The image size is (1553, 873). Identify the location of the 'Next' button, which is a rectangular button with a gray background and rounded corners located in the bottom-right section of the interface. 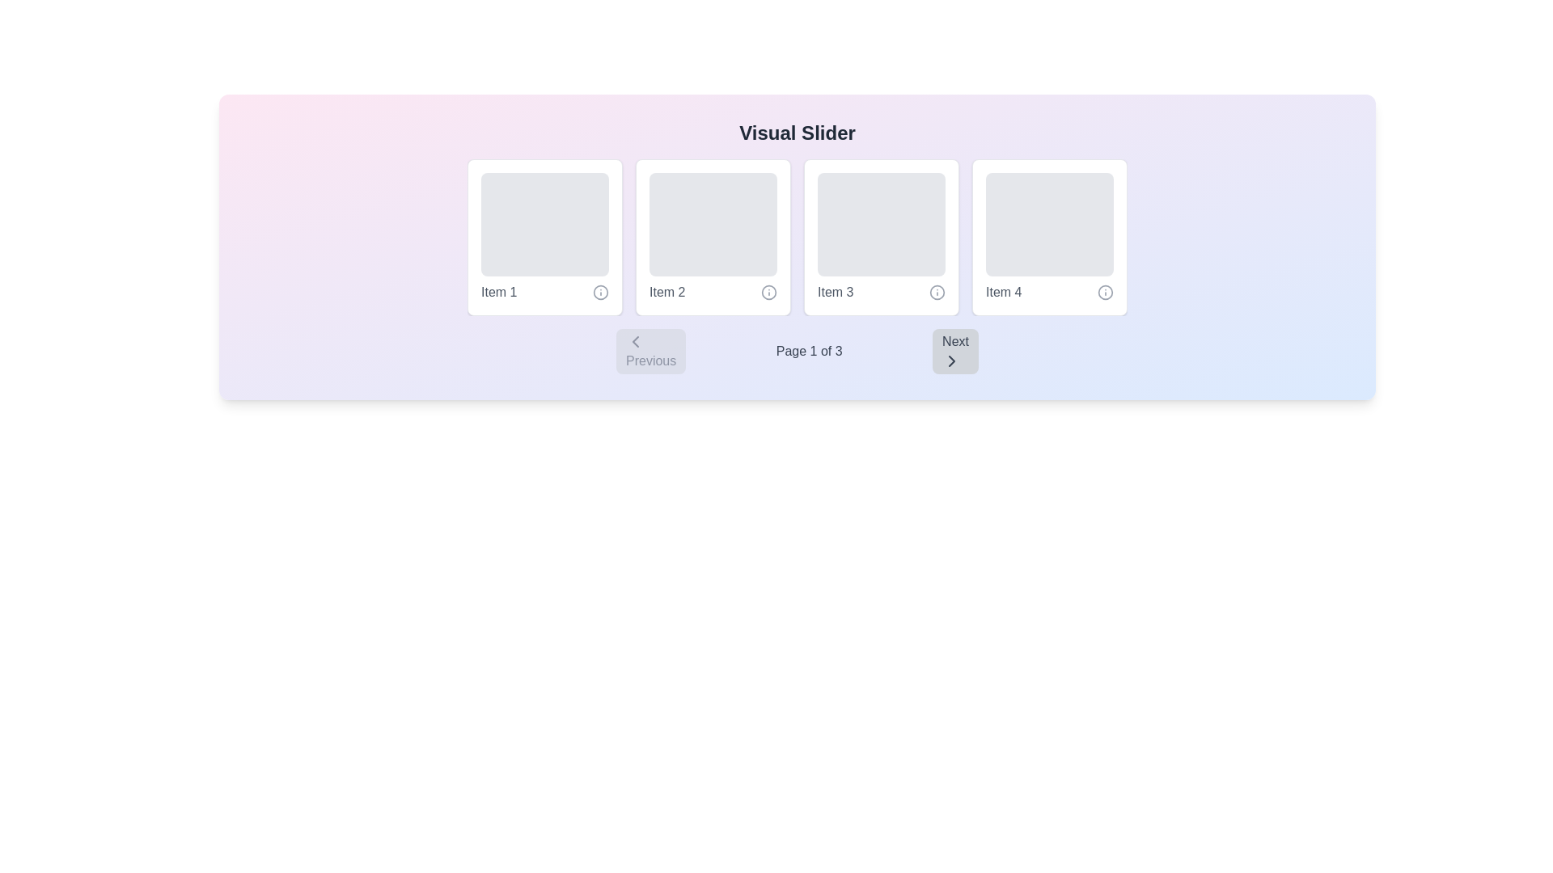
(955, 351).